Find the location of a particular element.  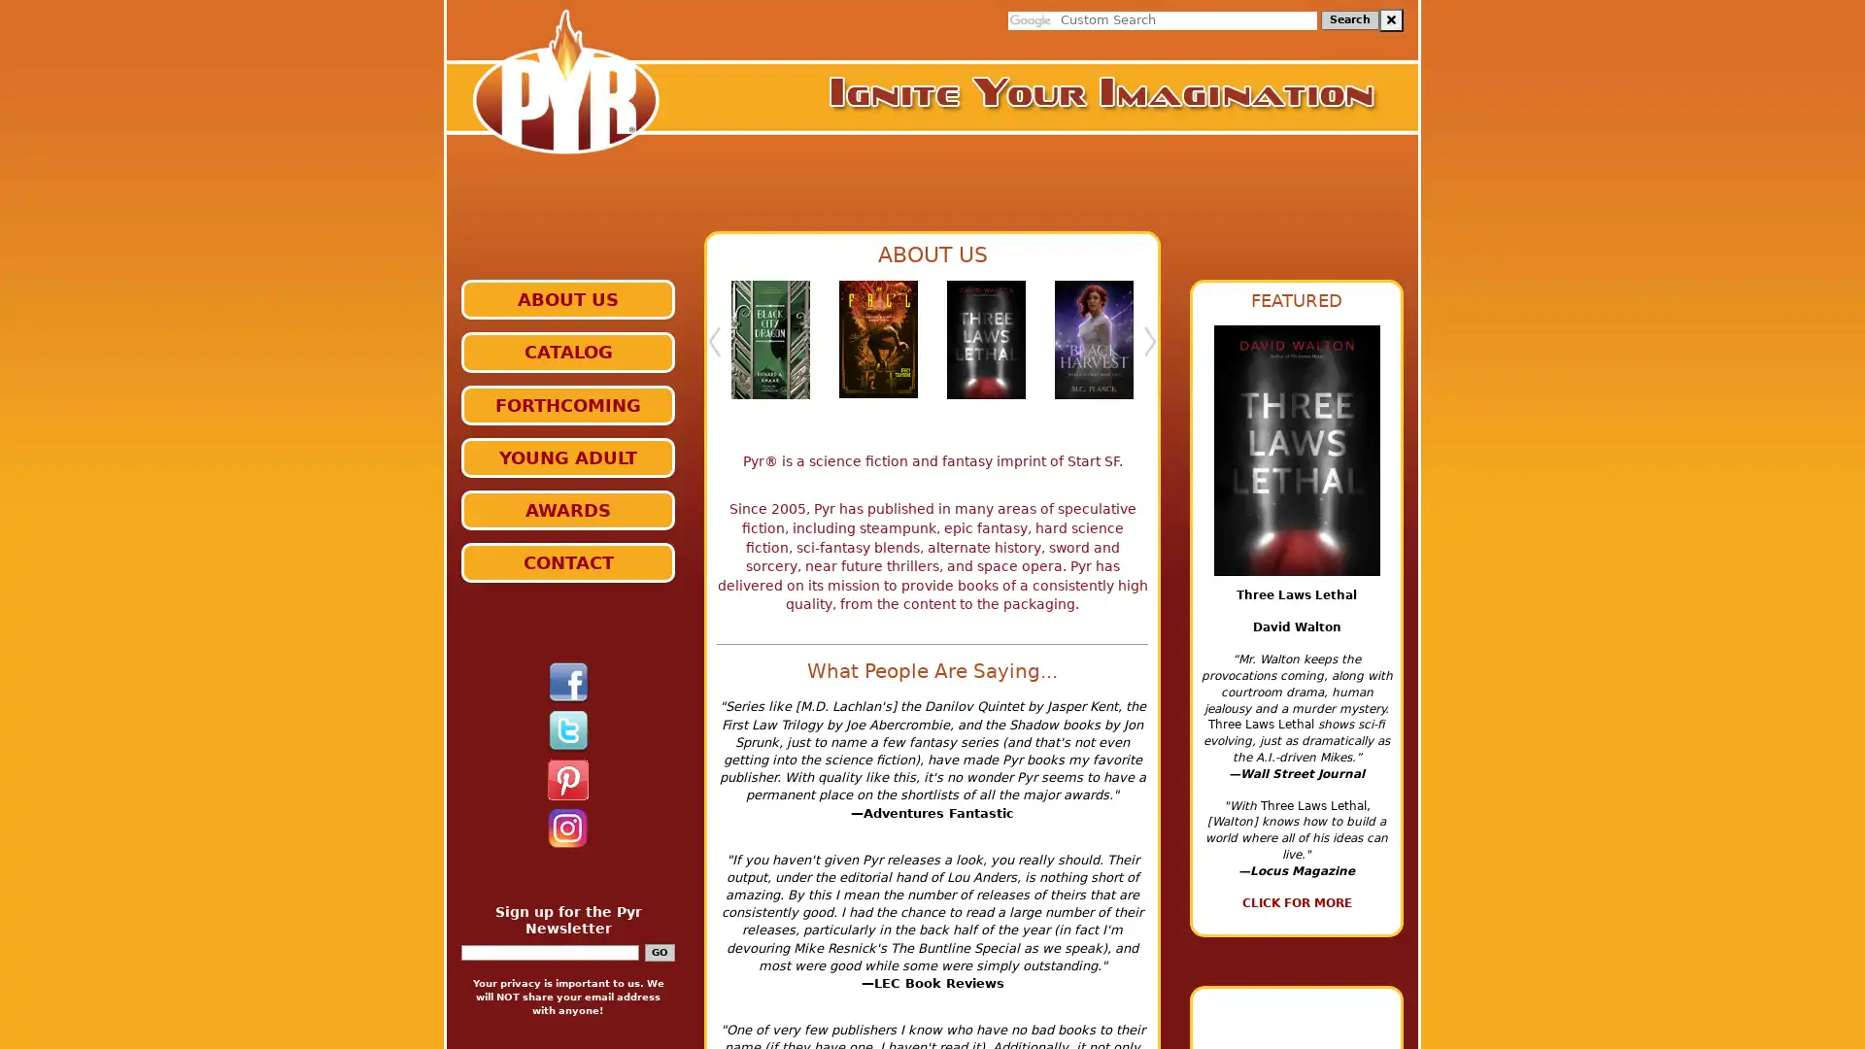

Next is located at coordinates (1150, 351).